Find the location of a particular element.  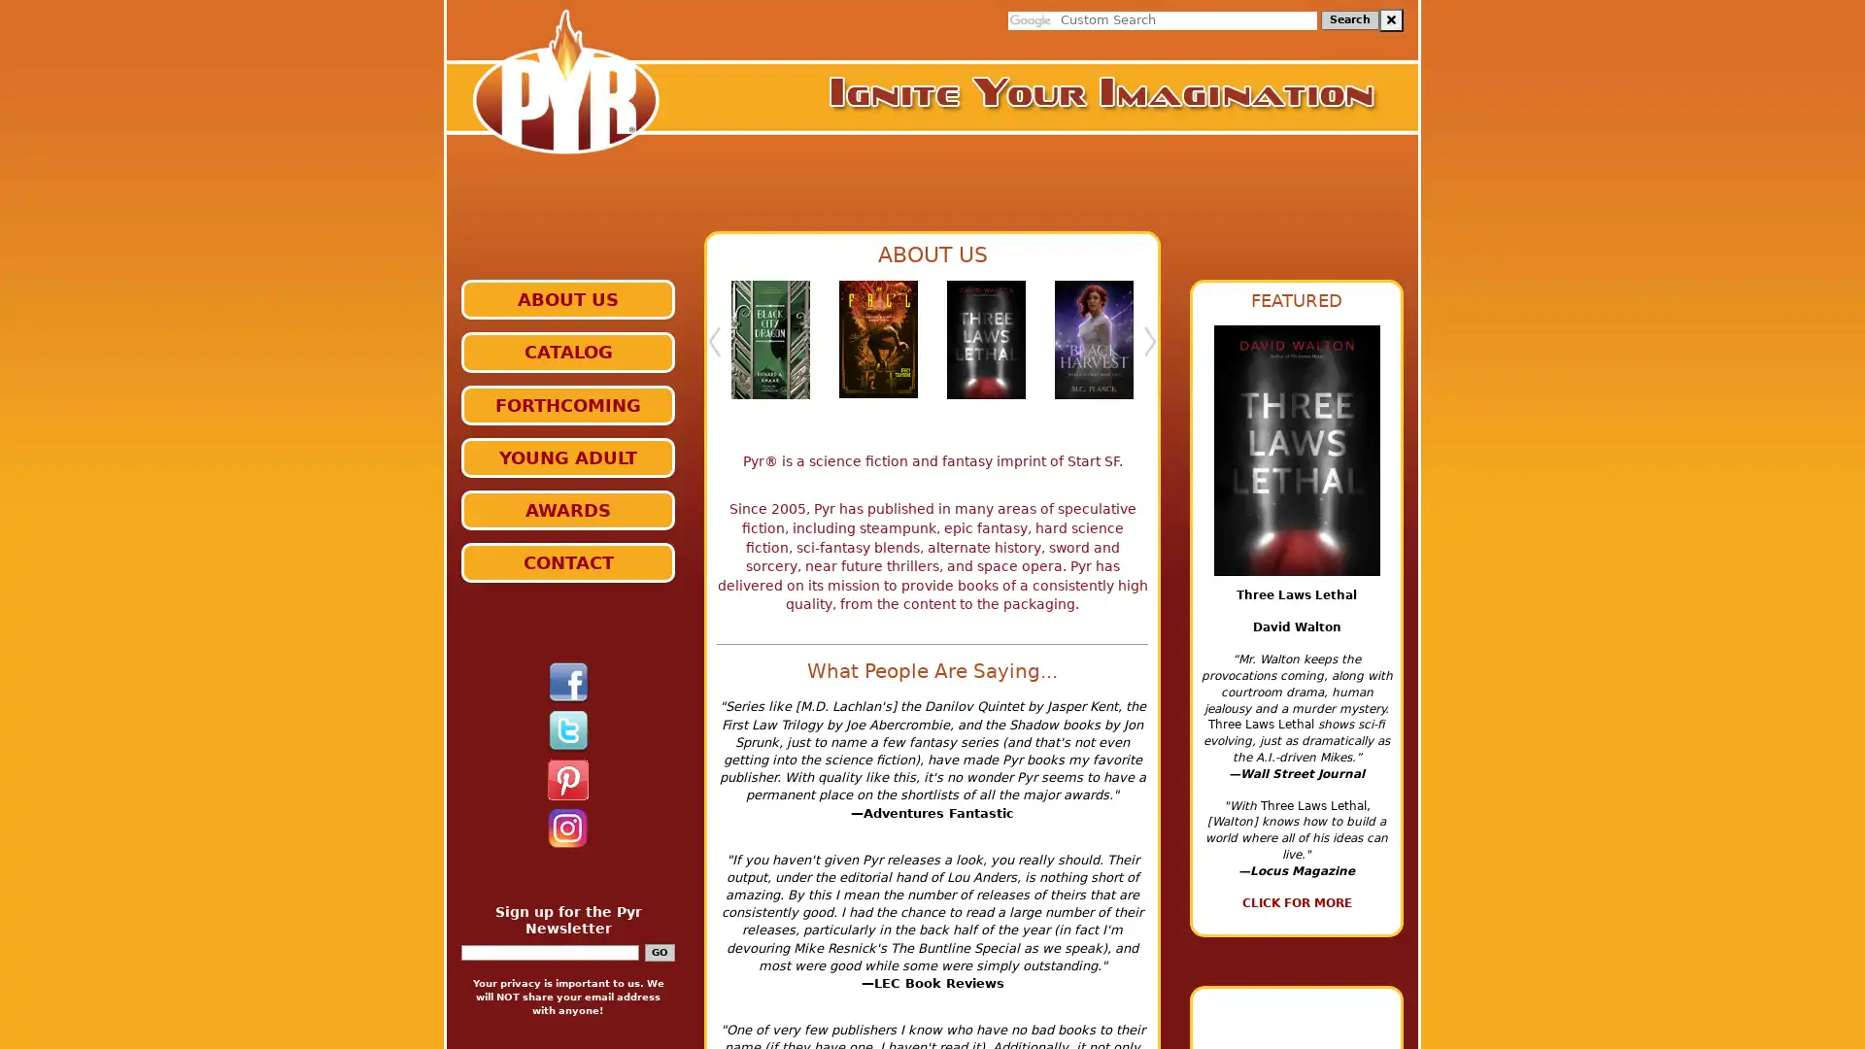

Next is located at coordinates (1150, 351).